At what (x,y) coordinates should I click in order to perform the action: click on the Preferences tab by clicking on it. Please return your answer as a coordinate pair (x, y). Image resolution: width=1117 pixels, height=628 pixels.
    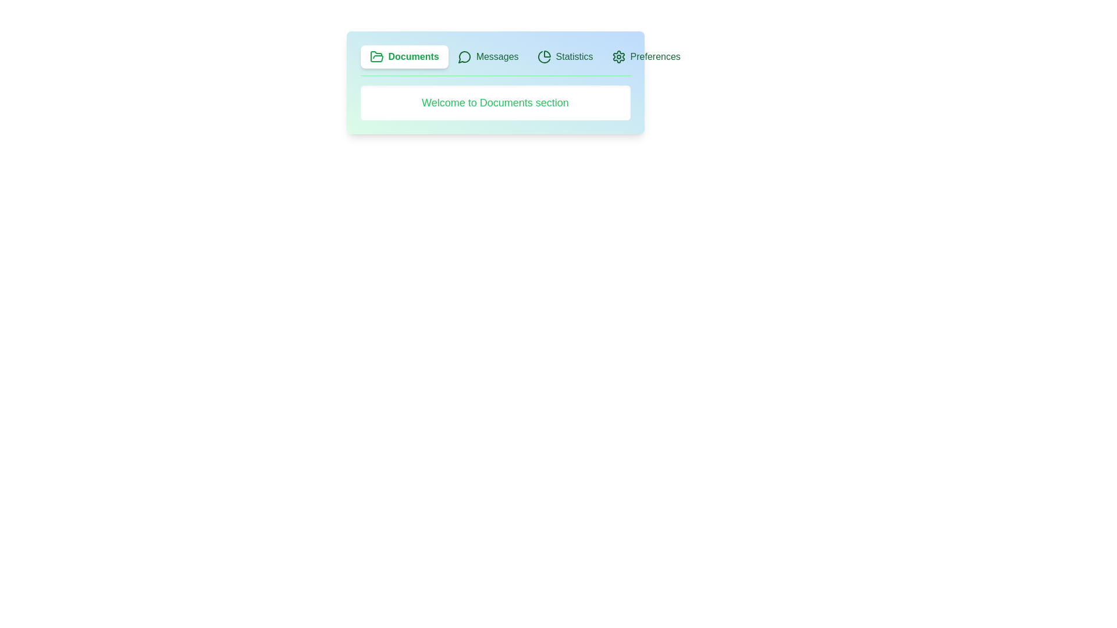
    Looking at the image, I should click on (645, 56).